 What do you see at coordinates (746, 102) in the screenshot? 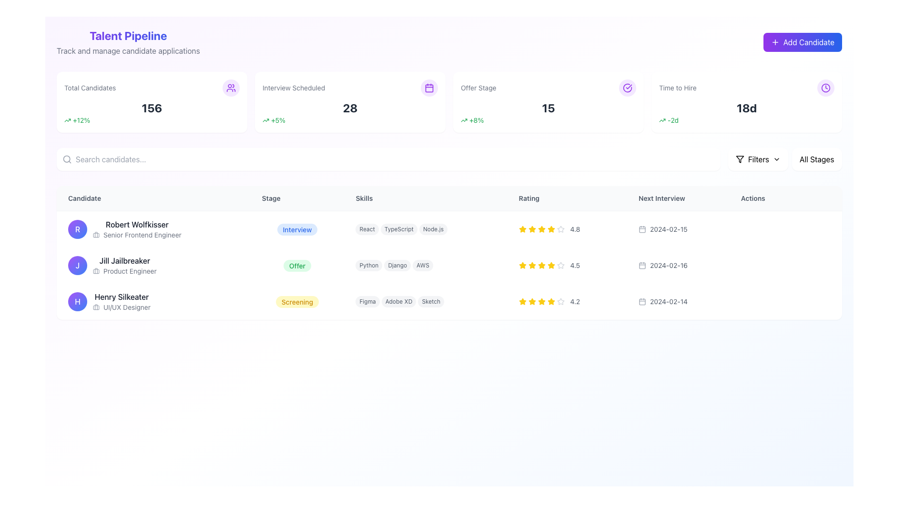
I see `the Information card titled 'Time to Hire', which features a white background, rounded corners, and includes a prominent numerical metric '18d' in bold, black font, along with a purple circular clock icon at the top right` at bounding box center [746, 102].